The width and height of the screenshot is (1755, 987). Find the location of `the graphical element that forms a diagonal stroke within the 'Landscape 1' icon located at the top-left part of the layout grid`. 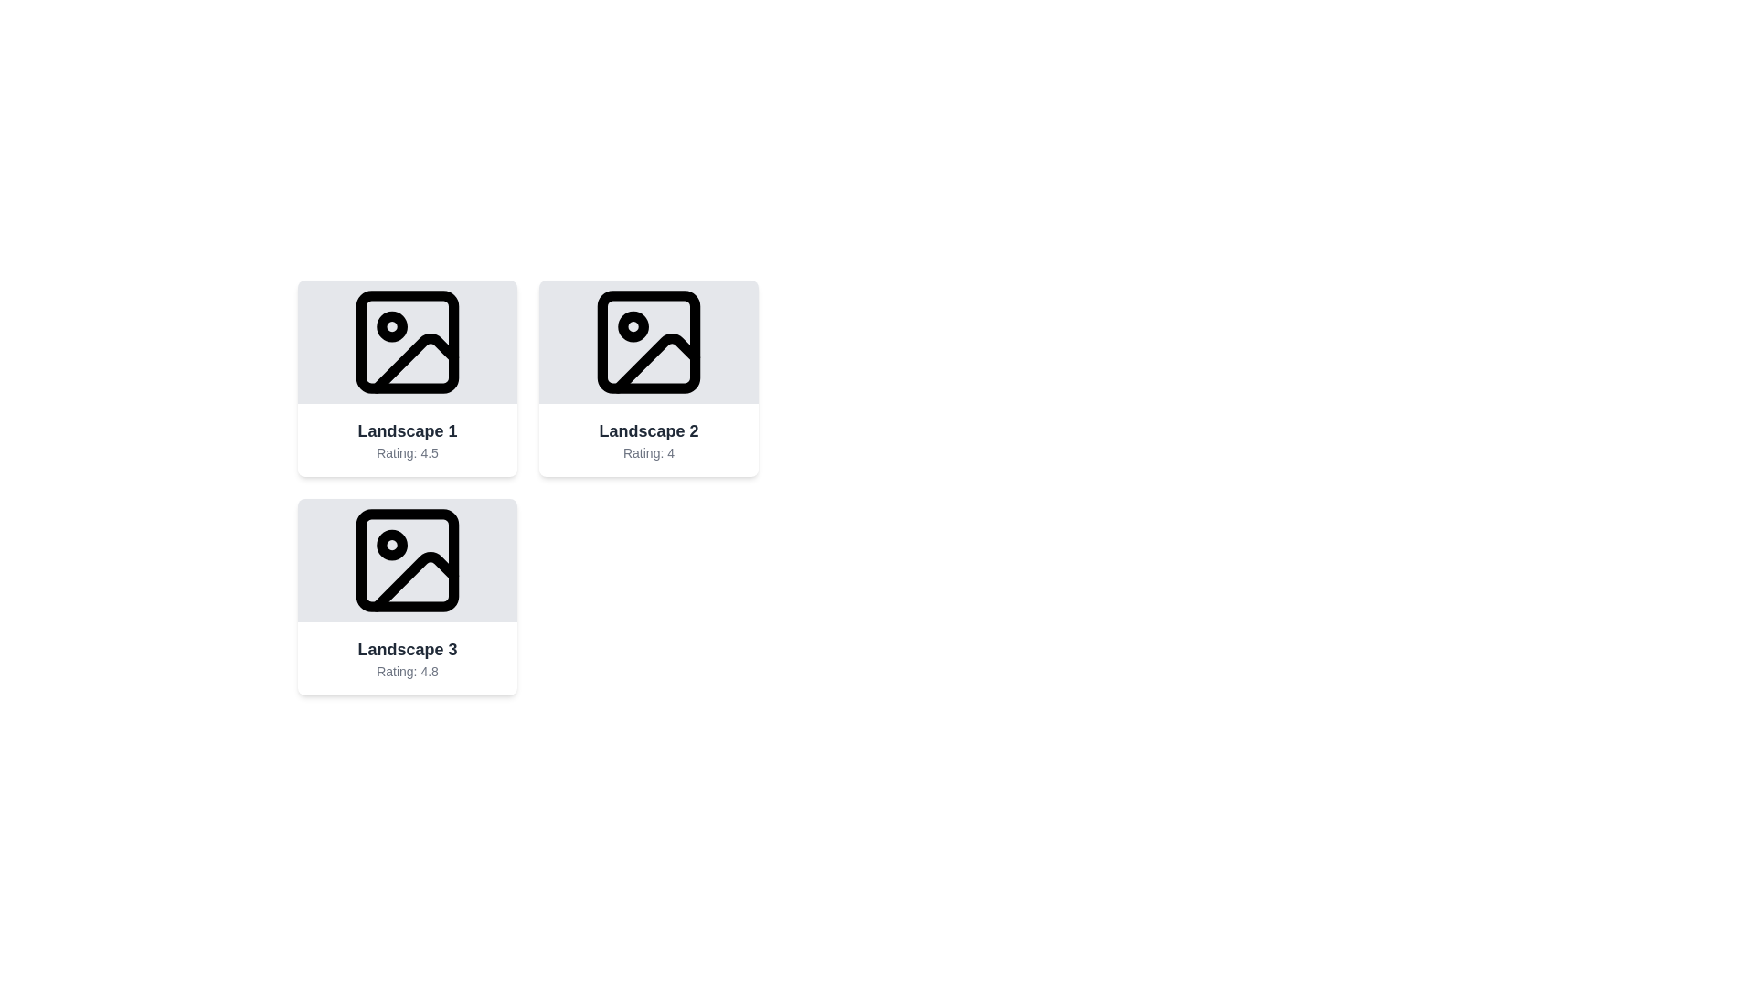

the graphical element that forms a diagonal stroke within the 'Landscape 1' icon located at the top-left part of the layout grid is located at coordinates (414, 363).